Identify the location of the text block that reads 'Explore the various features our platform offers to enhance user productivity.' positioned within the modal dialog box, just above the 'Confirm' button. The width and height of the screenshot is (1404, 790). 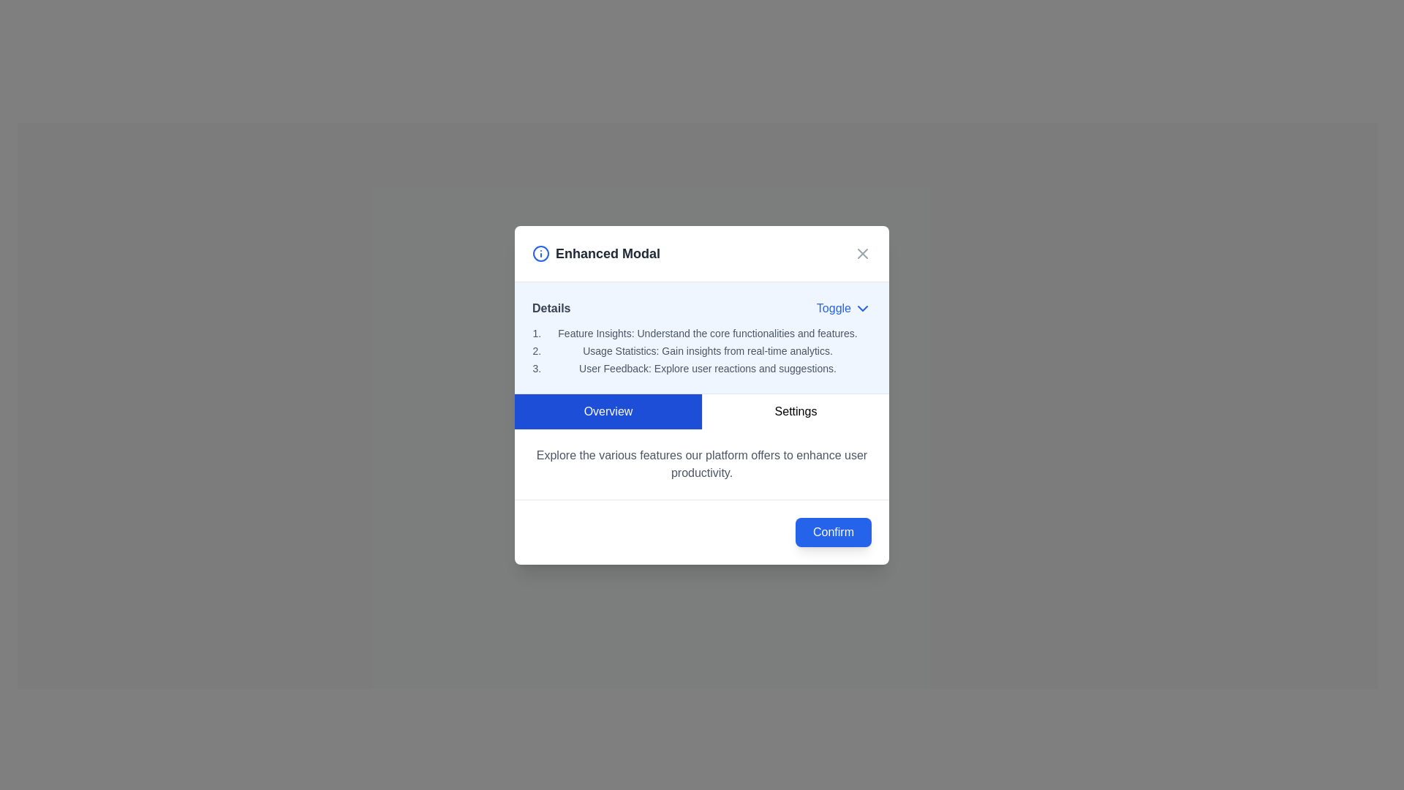
(702, 464).